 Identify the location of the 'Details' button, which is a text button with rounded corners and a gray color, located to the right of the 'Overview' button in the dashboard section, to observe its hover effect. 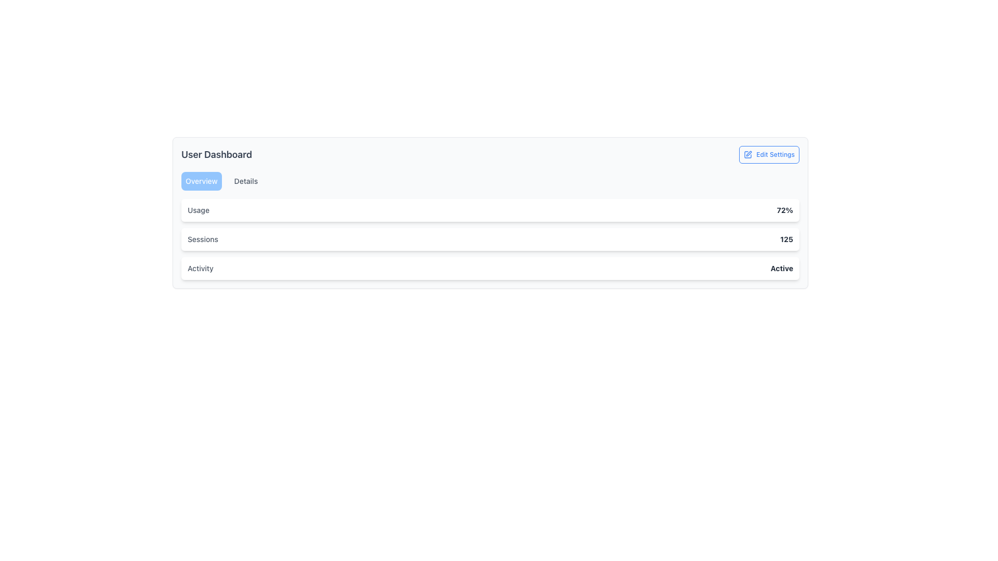
(245, 180).